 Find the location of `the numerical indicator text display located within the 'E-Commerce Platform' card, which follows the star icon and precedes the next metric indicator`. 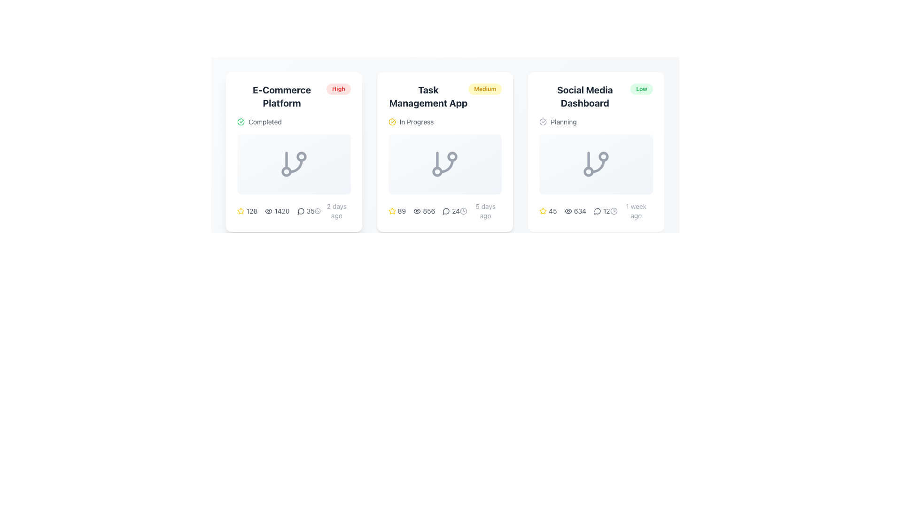

the numerical indicator text display located within the 'E-Commerce Platform' card, which follows the star icon and precedes the next metric indicator is located at coordinates (252, 211).